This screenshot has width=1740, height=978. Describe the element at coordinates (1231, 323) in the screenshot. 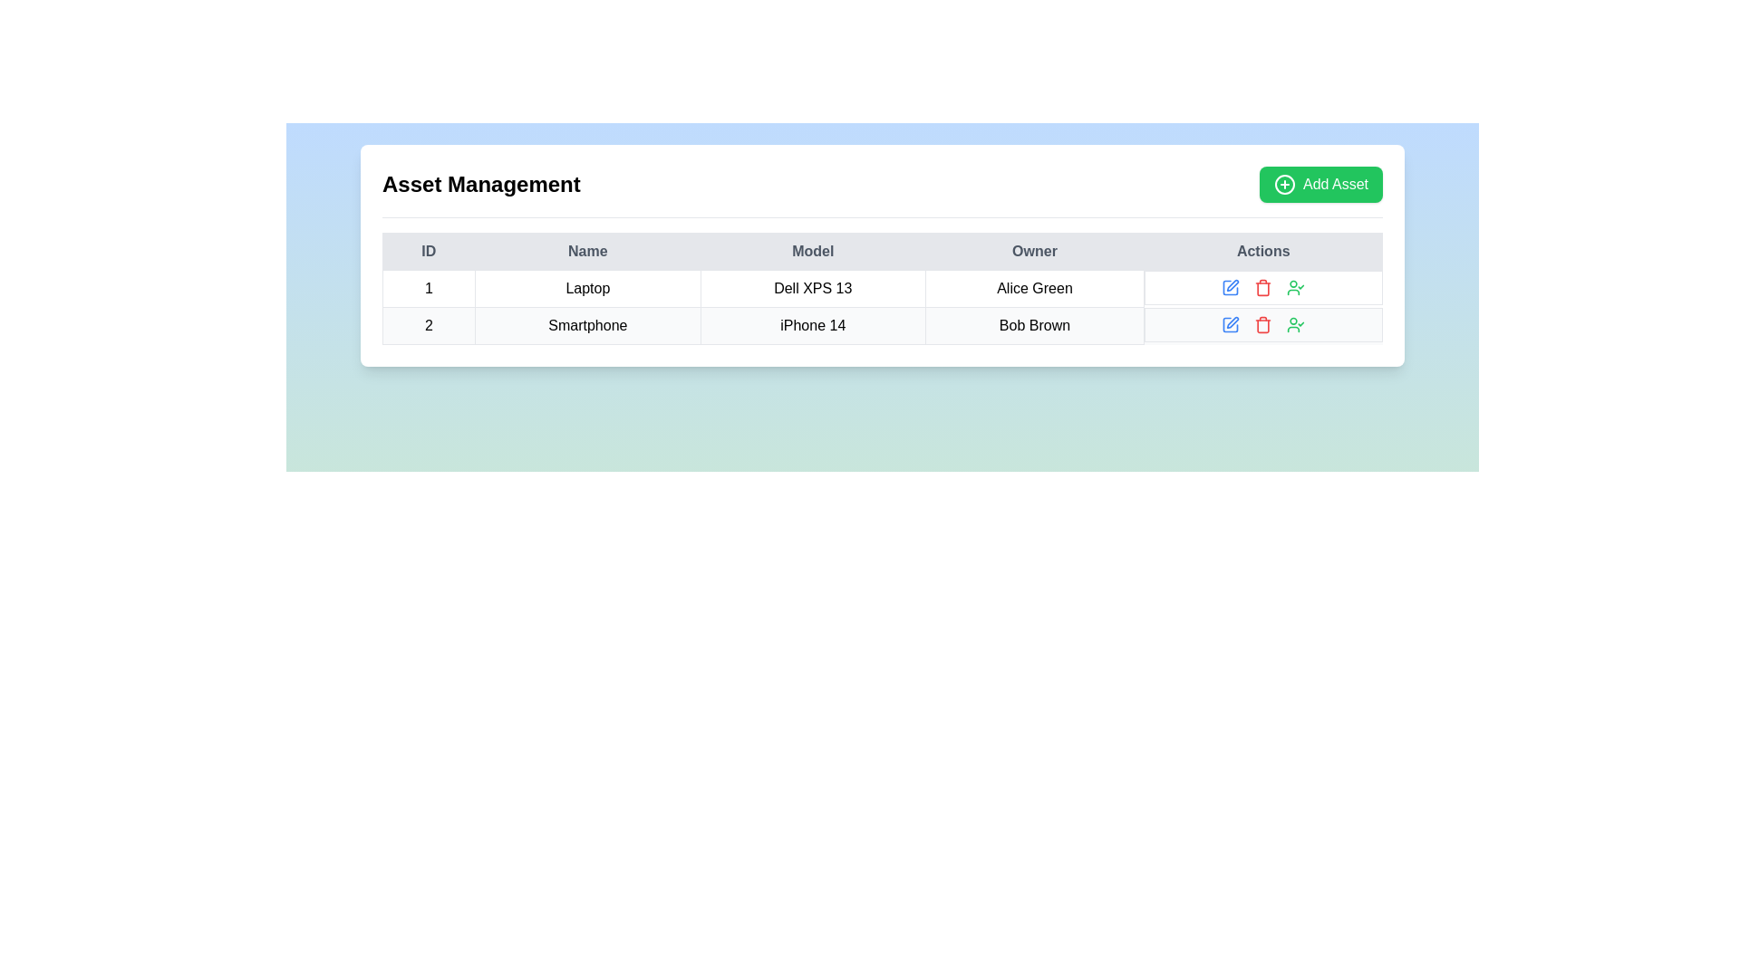

I see `the first interactive icon button in the second row of the 'Actions' column in the 'Asset Management' data table` at that location.